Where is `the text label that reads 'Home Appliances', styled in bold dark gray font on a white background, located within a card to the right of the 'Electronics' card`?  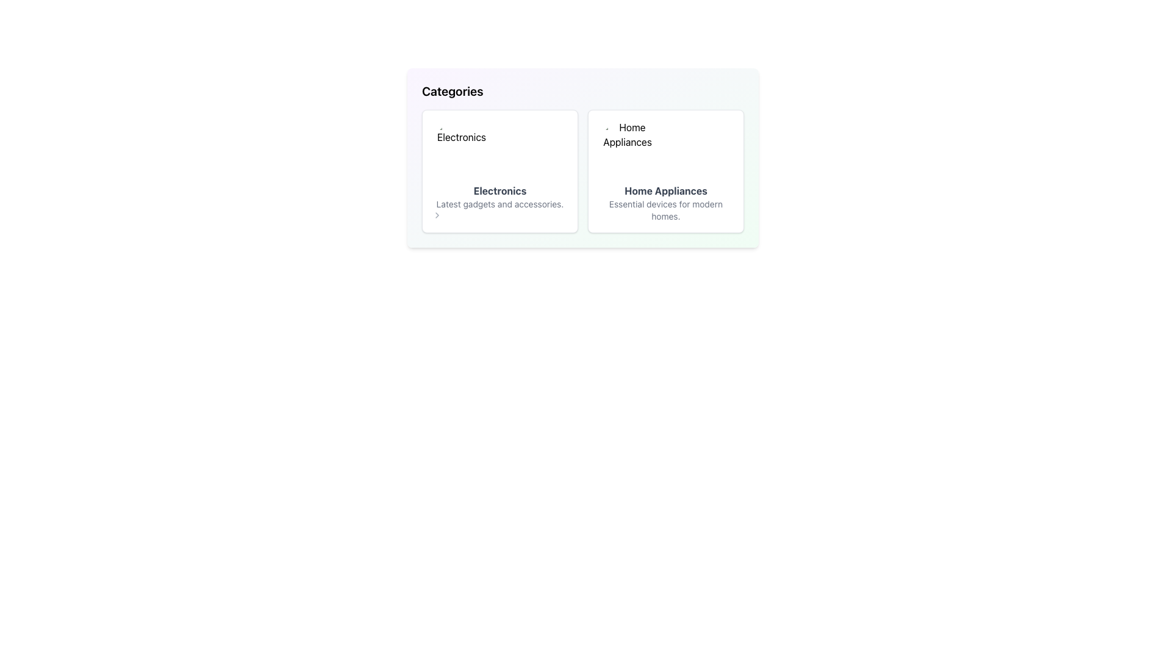
the text label that reads 'Home Appliances', styled in bold dark gray font on a white background, located within a card to the right of the 'Electronics' card is located at coordinates (665, 190).